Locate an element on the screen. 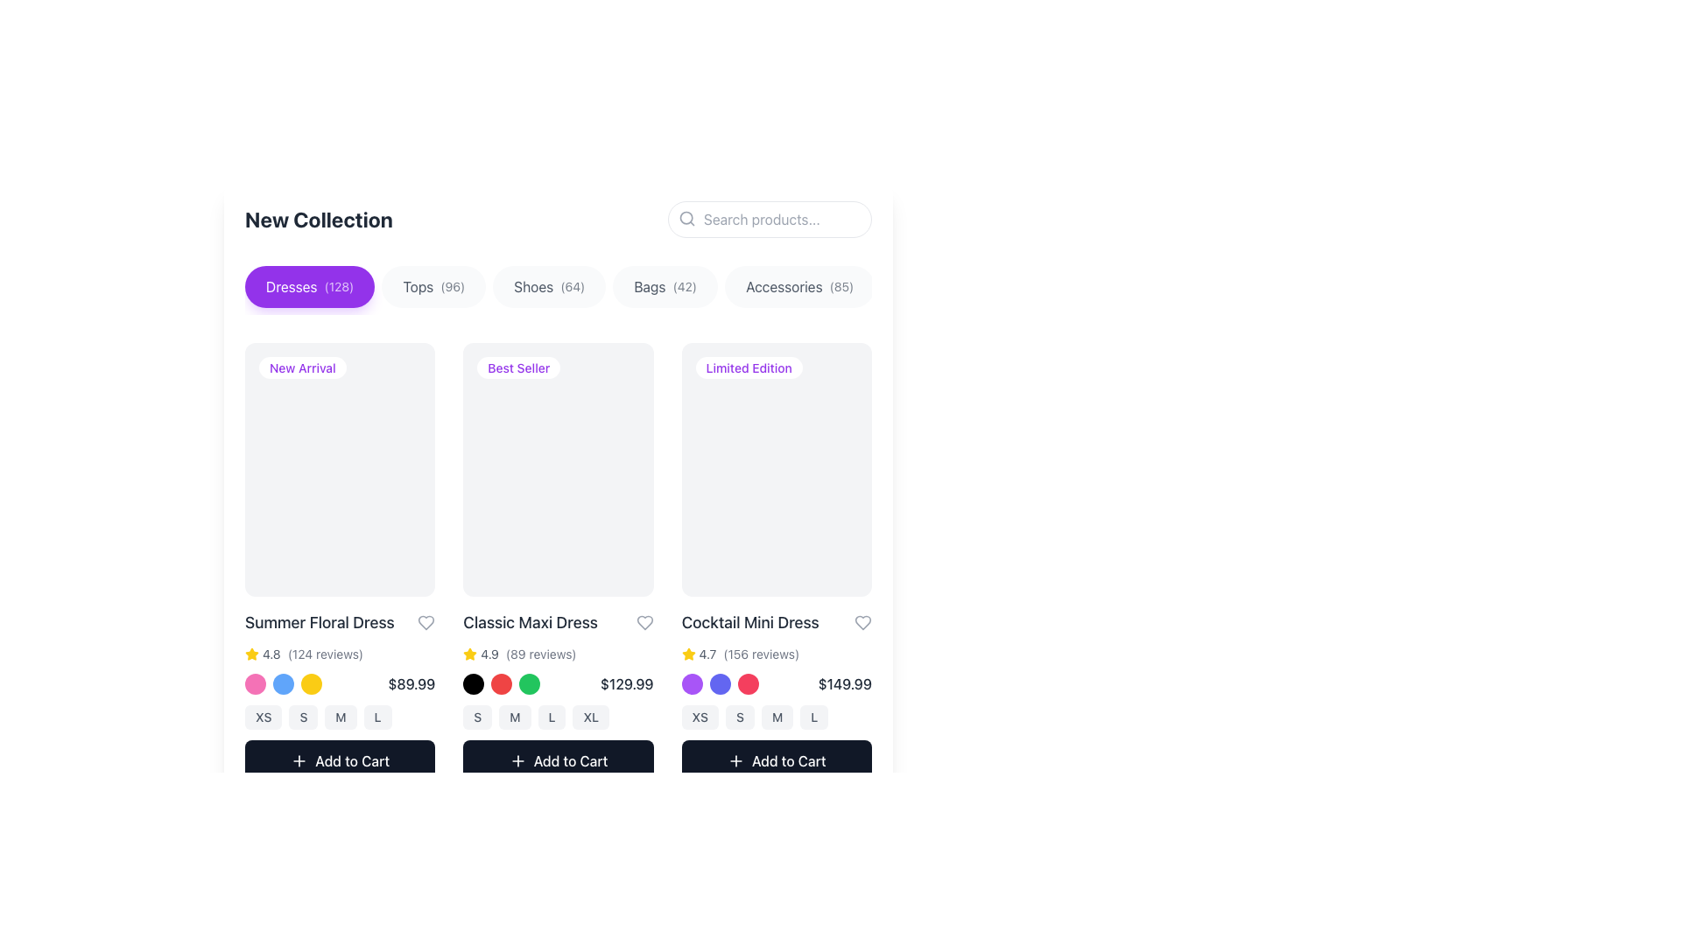 The image size is (1681, 945). the rating summary display element for the 'Summer Floral Dress' is located at coordinates (340, 654).